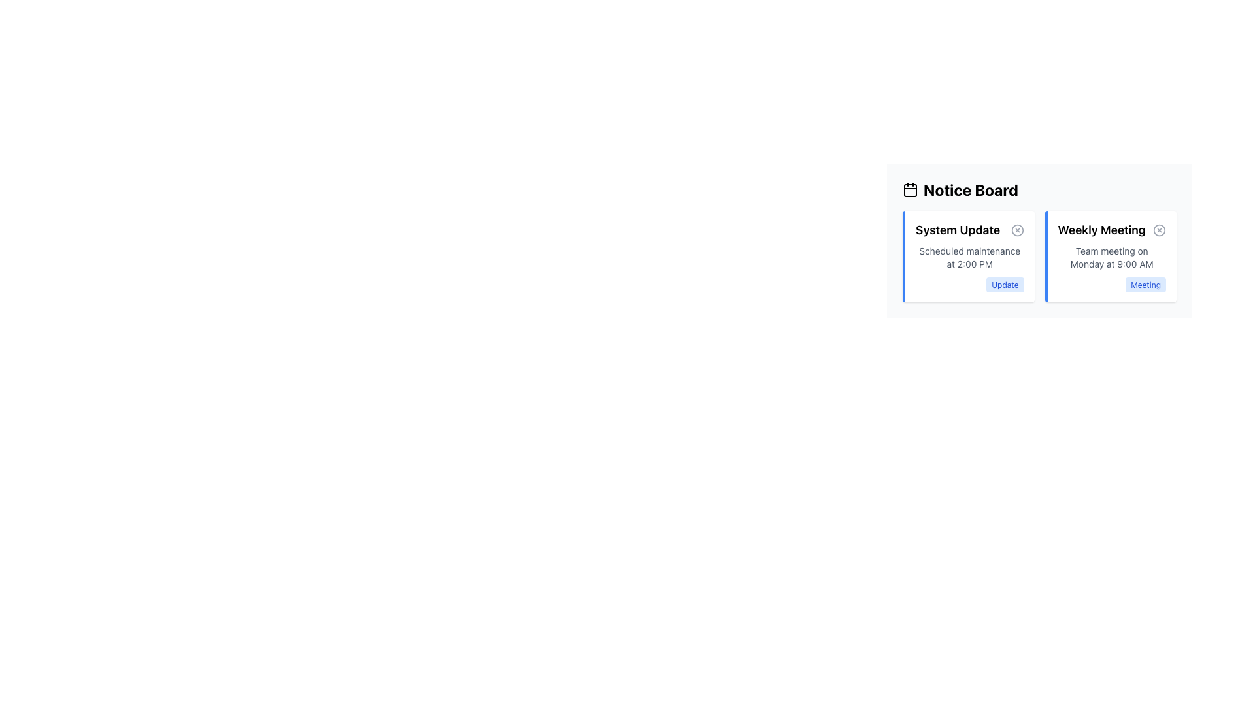 The width and height of the screenshot is (1255, 705). What do you see at coordinates (1145, 284) in the screenshot?
I see `the 'Weekly Meeting' tag descriptor located at the bottom-right corner of the 'Weekly Meeting' card on the Notice Board` at bounding box center [1145, 284].